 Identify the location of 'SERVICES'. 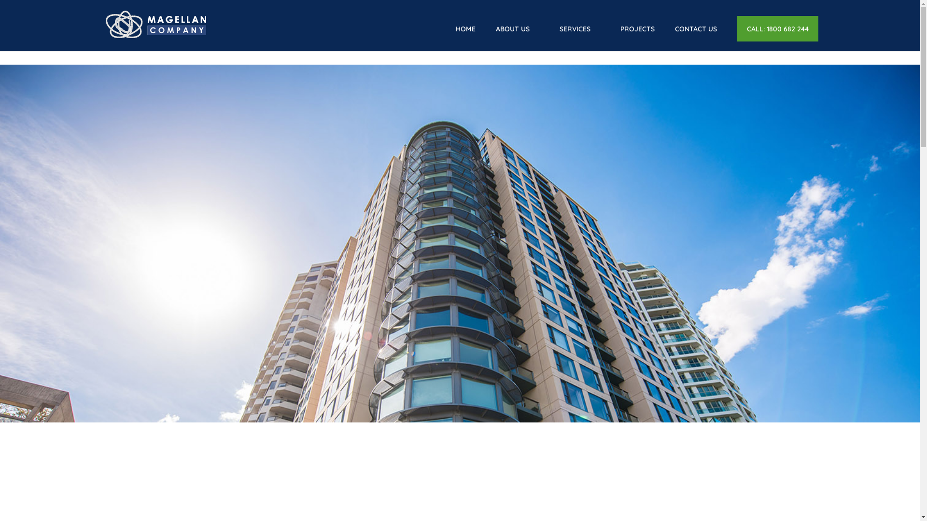
(579, 36).